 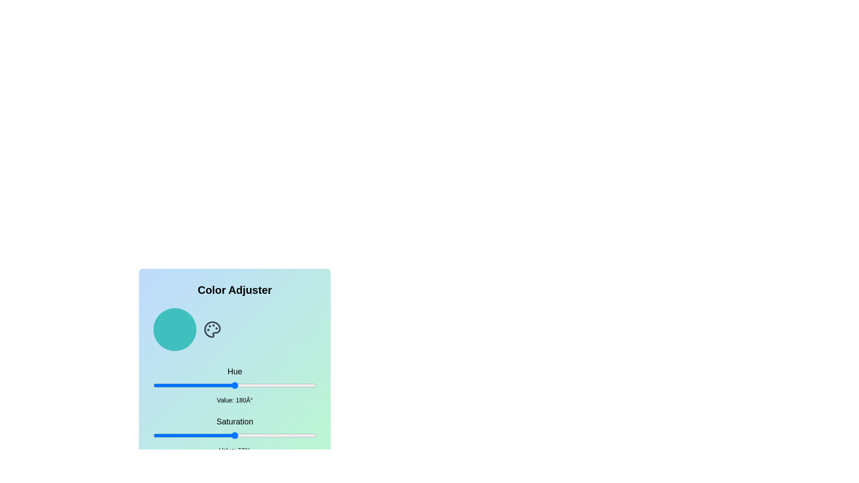 I want to click on the saturation slider to set the saturation to 99%, so click(x=315, y=435).